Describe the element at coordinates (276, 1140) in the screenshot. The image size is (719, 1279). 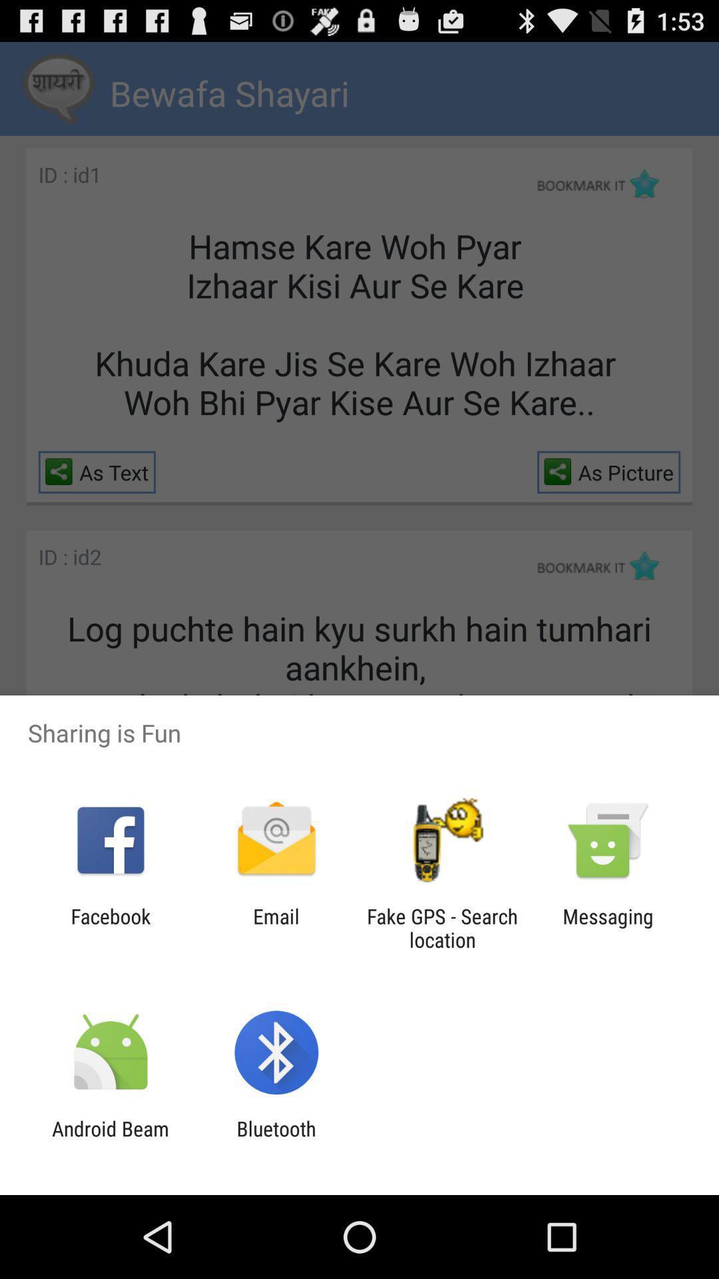
I see `the item to the right of the android beam app` at that location.